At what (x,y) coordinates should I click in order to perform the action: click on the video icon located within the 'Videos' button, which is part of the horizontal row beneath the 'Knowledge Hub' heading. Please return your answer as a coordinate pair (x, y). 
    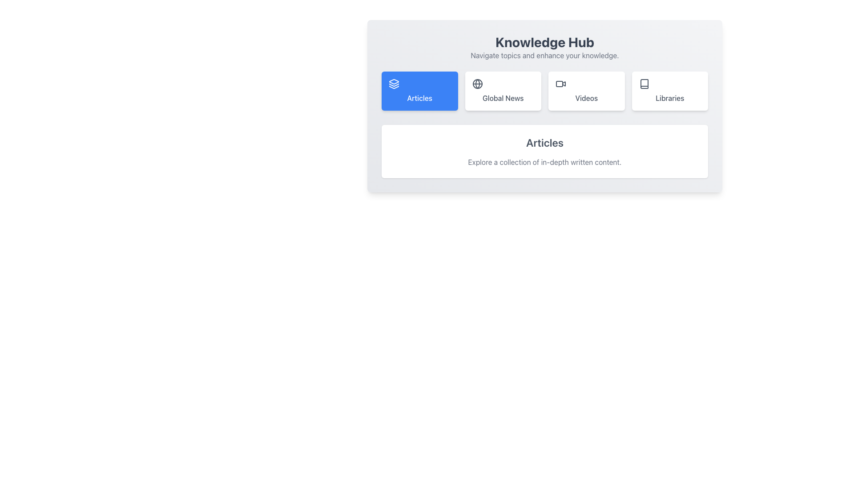
    Looking at the image, I should click on (560, 84).